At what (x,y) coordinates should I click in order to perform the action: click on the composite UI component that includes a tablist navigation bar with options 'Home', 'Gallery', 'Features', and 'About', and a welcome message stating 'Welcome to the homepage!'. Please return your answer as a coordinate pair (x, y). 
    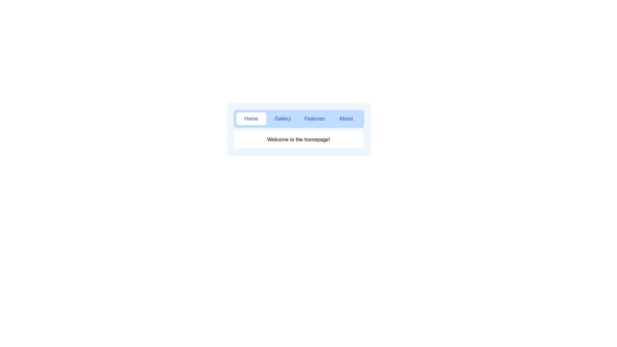
    Looking at the image, I should click on (298, 129).